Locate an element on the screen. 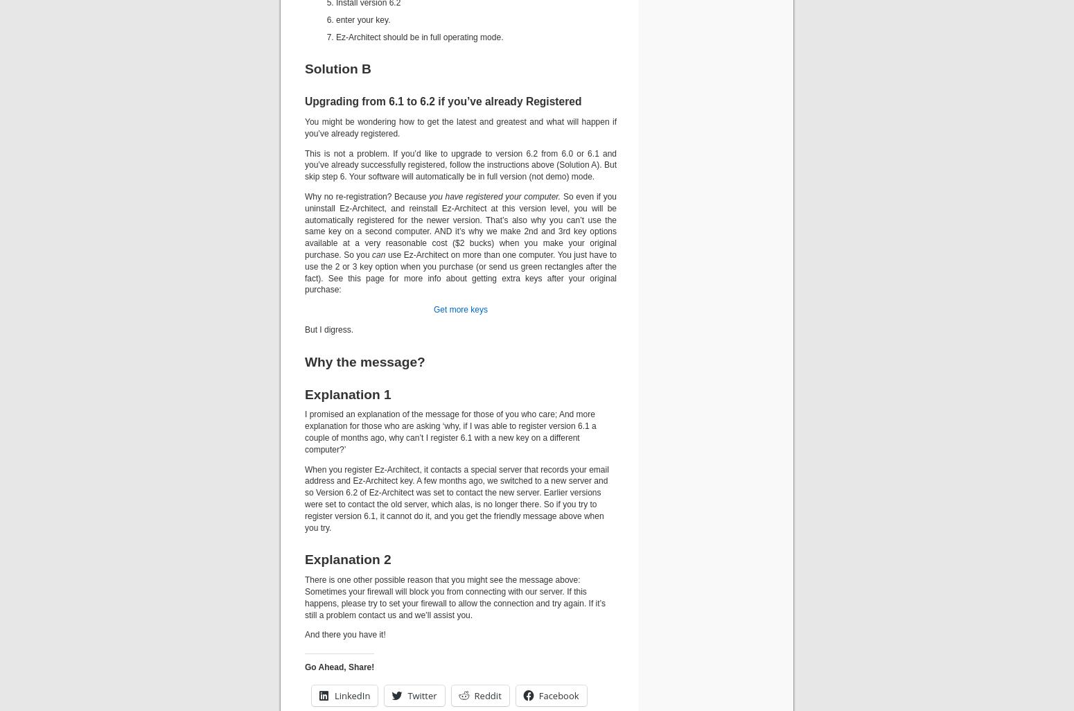  'But I digress.' is located at coordinates (328, 328).